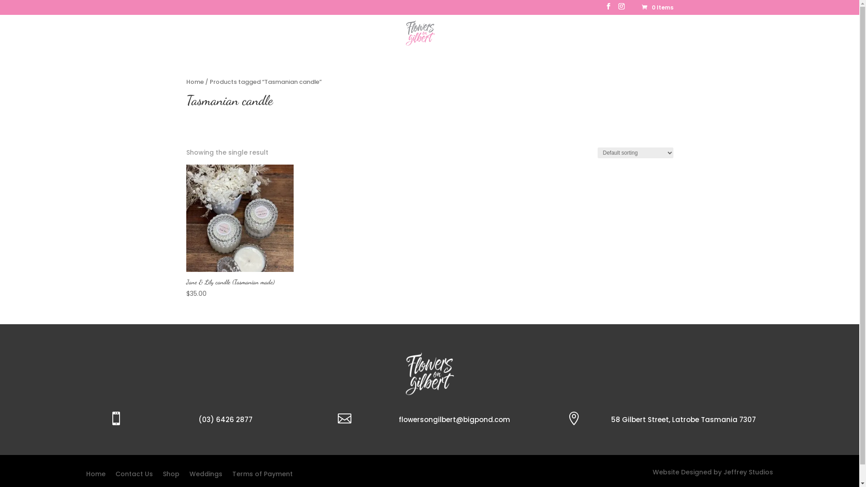  What do you see at coordinates (657, 7) in the screenshot?
I see `'0 Items'` at bounding box center [657, 7].